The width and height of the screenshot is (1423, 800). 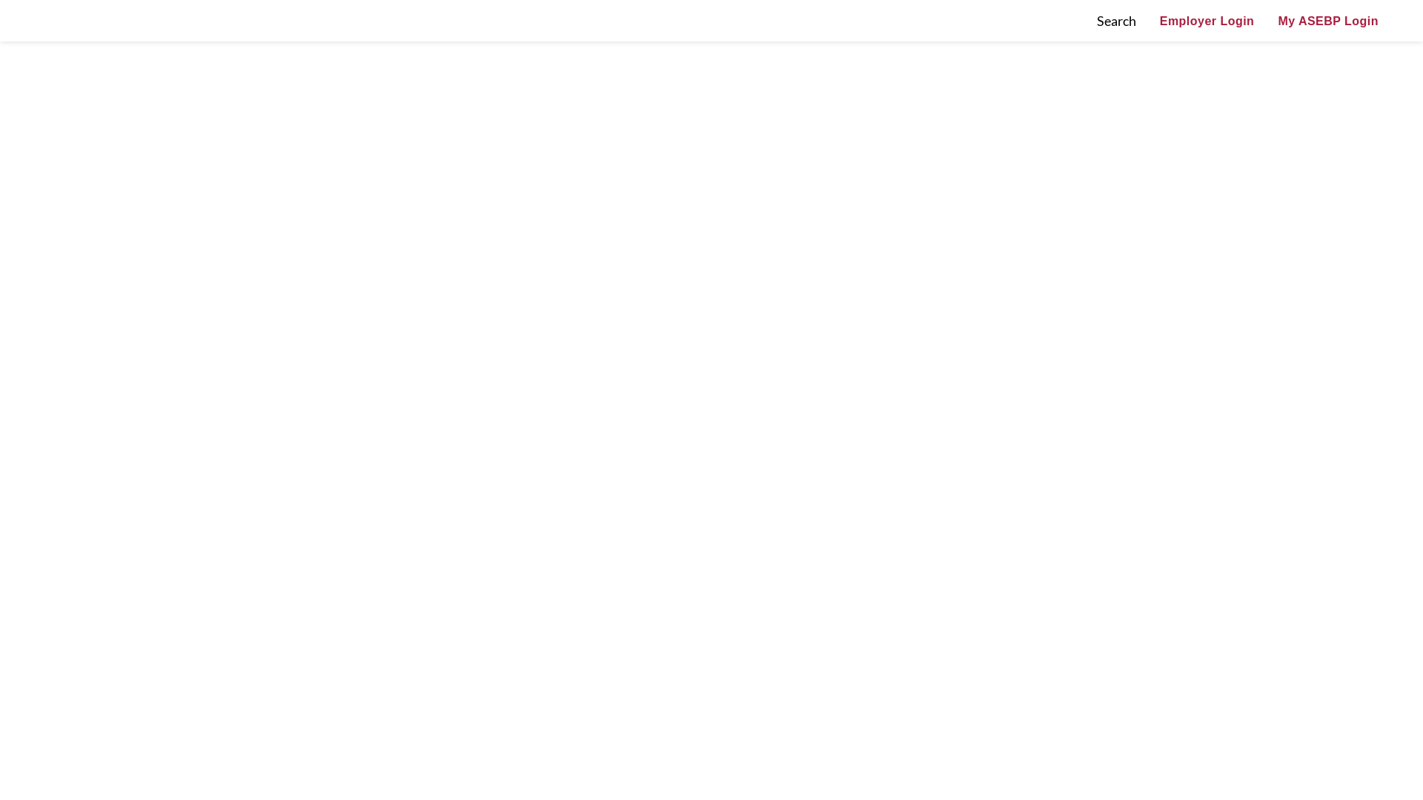 I want to click on 'My ASEBP Login', so click(x=1327, y=21).